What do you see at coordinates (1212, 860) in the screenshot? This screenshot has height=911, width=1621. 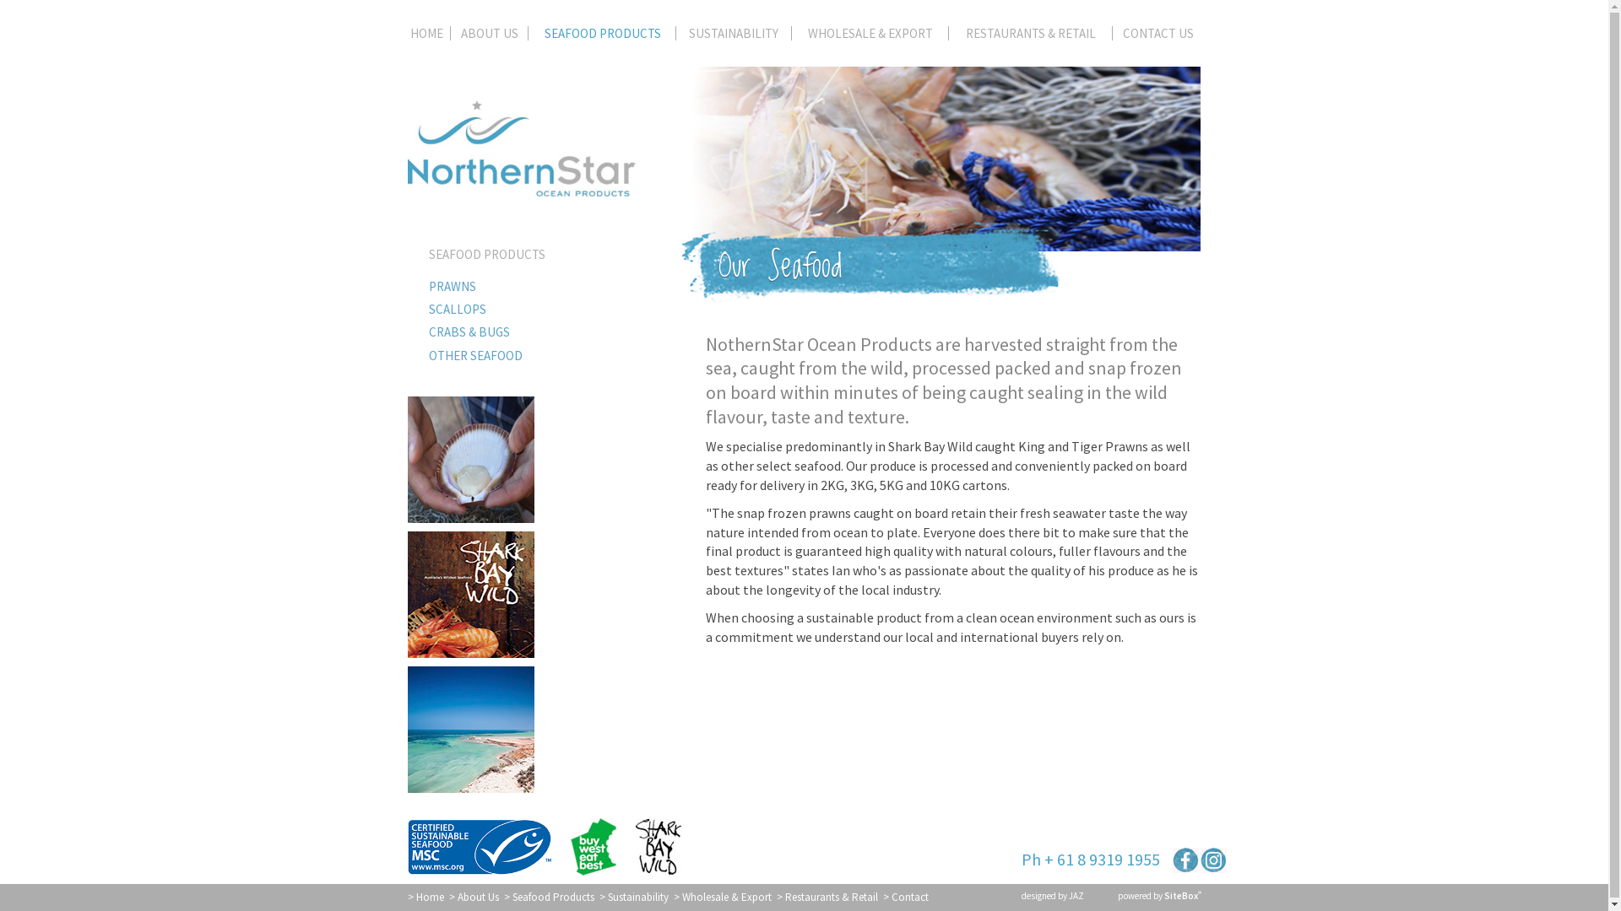 I see `' '` at bounding box center [1212, 860].